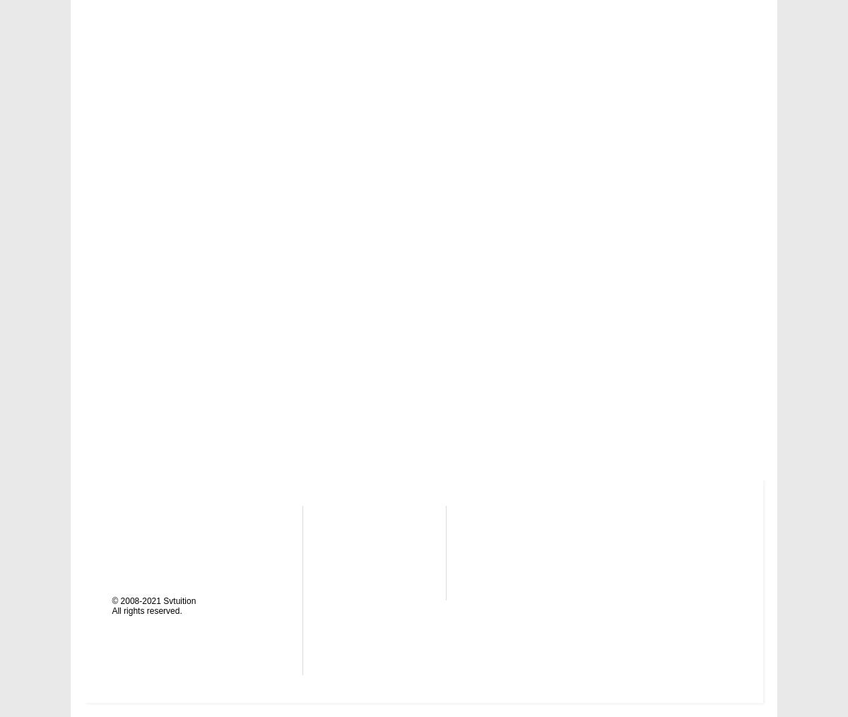 This screenshot has height=717, width=848. Describe the element at coordinates (520, 518) in the screenshot. I see `'Accounting'` at that location.